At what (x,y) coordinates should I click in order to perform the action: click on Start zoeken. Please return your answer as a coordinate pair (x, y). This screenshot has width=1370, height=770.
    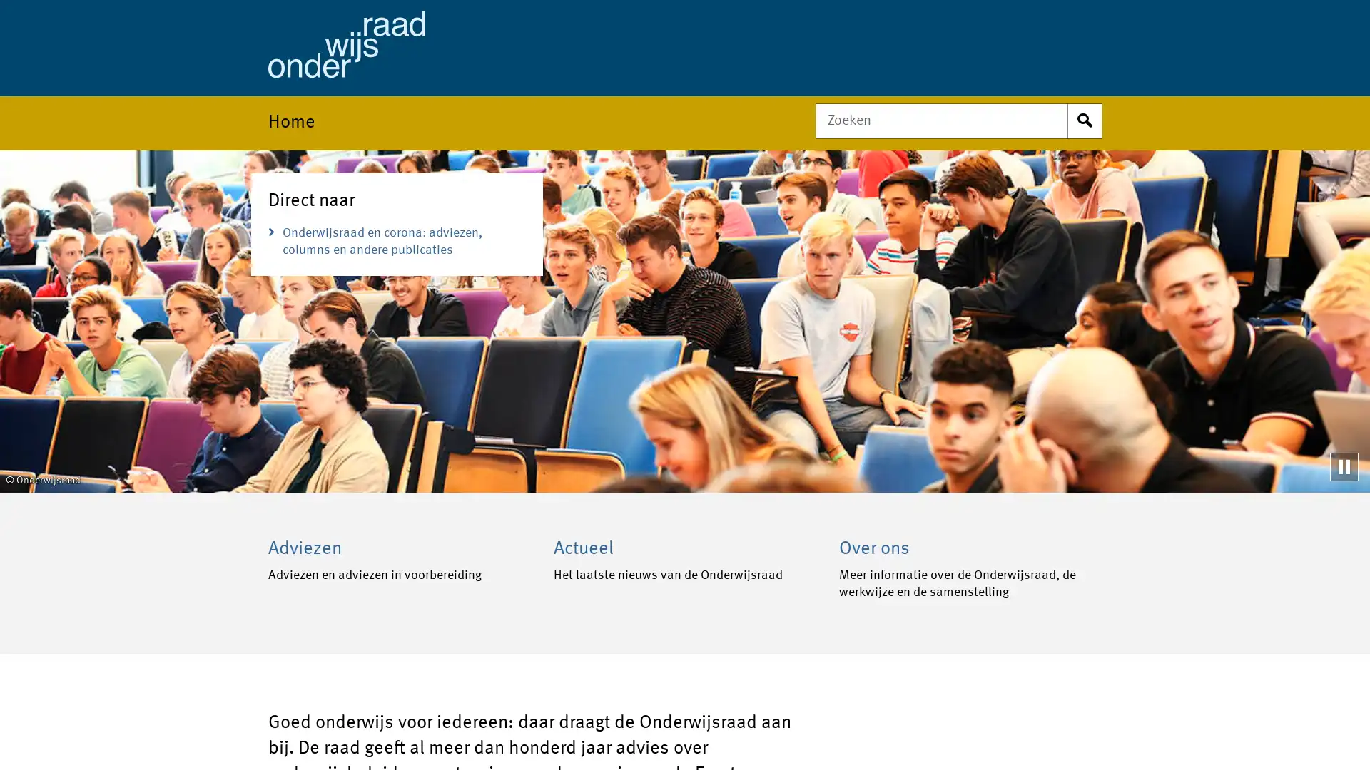
    Looking at the image, I should click on (1085, 120).